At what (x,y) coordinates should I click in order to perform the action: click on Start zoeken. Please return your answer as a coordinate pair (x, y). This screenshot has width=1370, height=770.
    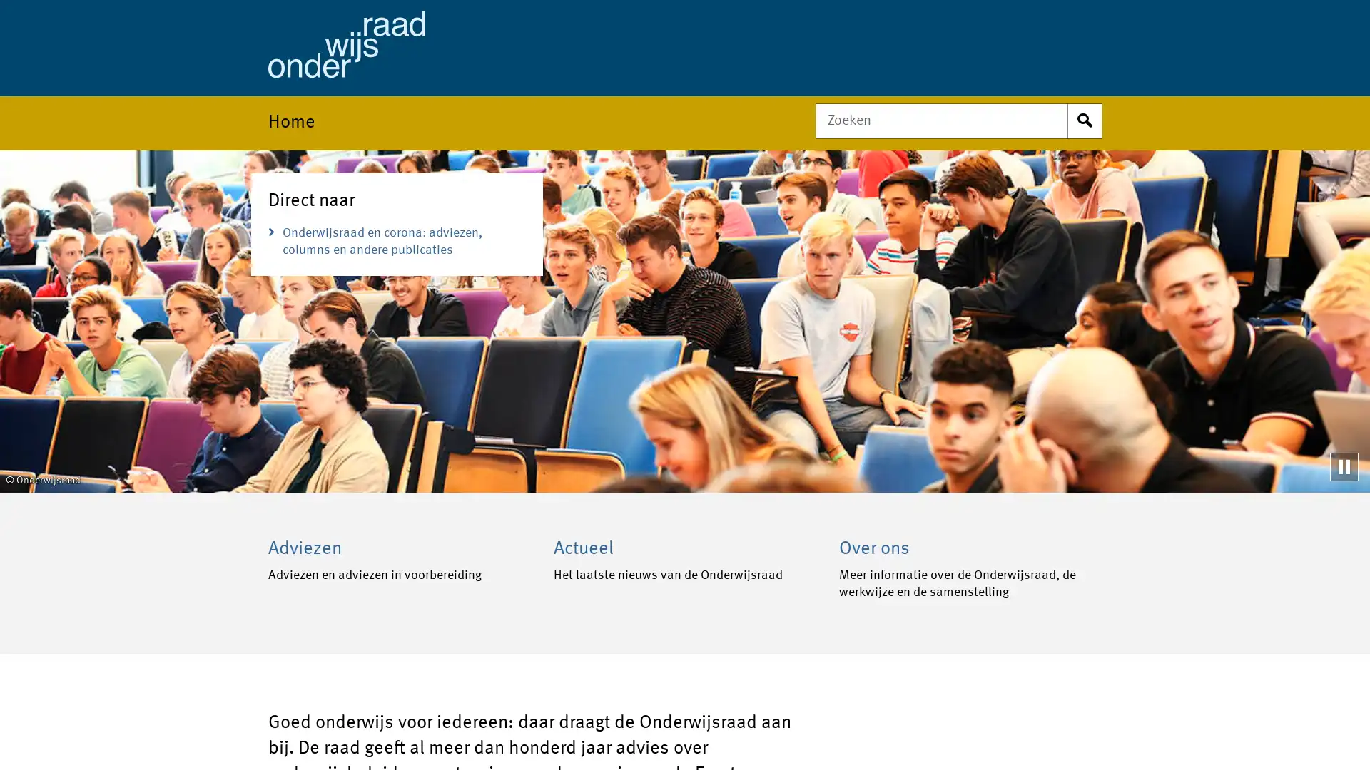
    Looking at the image, I should click on (1085, 120).